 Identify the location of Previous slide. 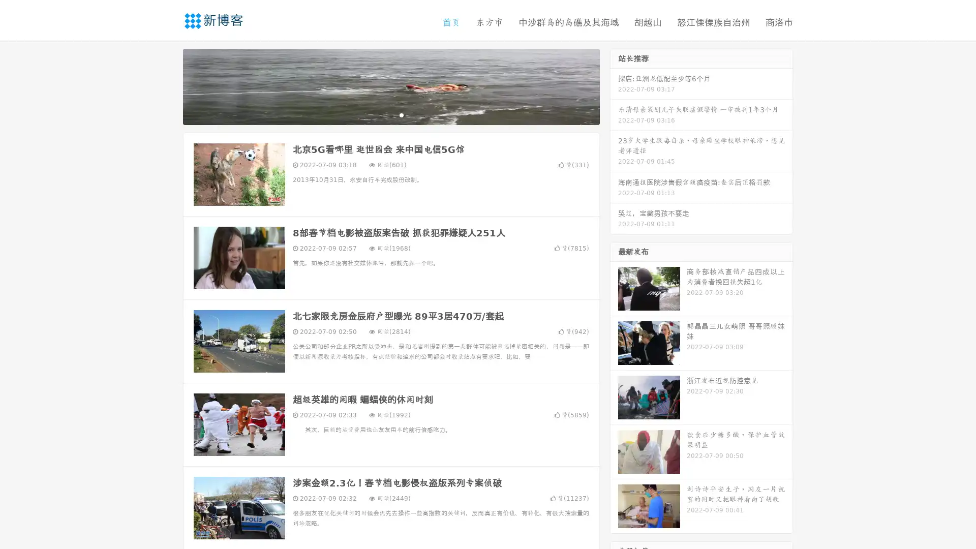
(168, 85).